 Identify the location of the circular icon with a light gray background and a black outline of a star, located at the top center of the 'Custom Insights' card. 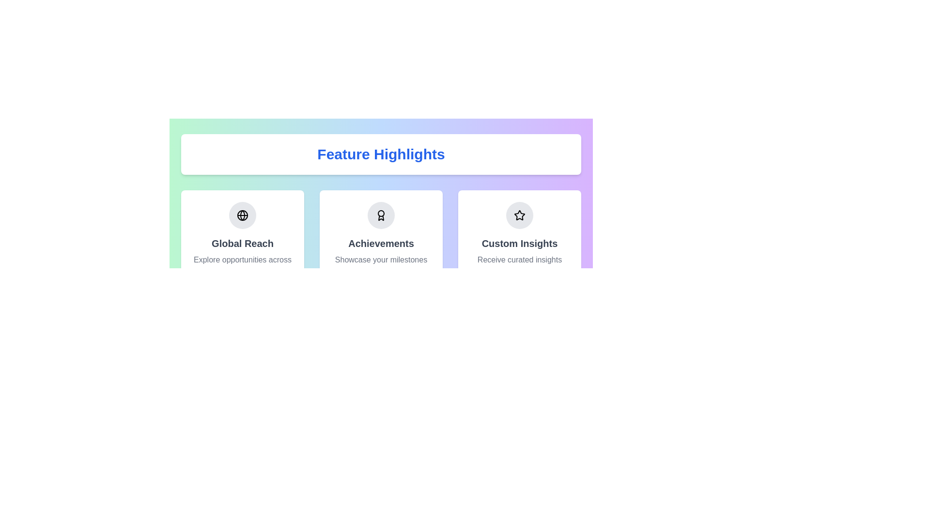
(519, 215).